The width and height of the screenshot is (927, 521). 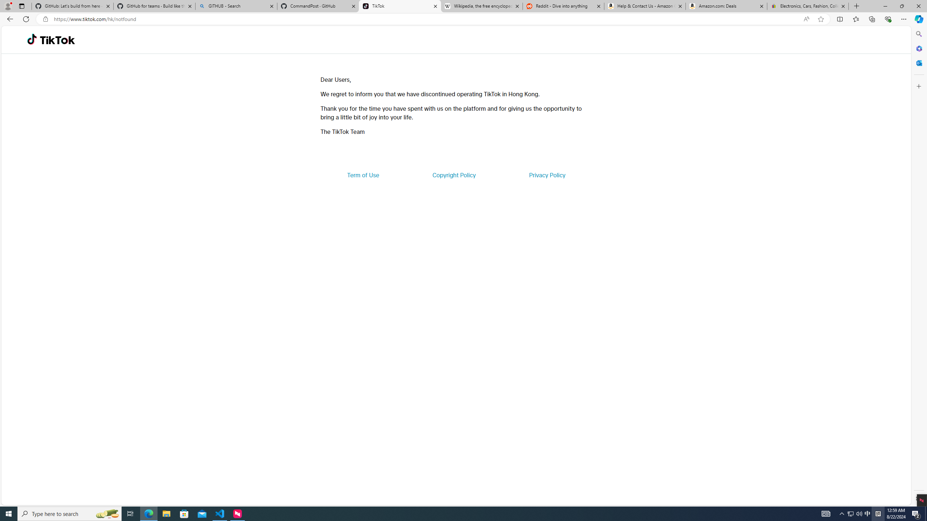 What do you see at coordinates (481, 6) in the screenshot?
I see `'Wikipedia, the free encyclopedia'` at bounding box center [481, 6].